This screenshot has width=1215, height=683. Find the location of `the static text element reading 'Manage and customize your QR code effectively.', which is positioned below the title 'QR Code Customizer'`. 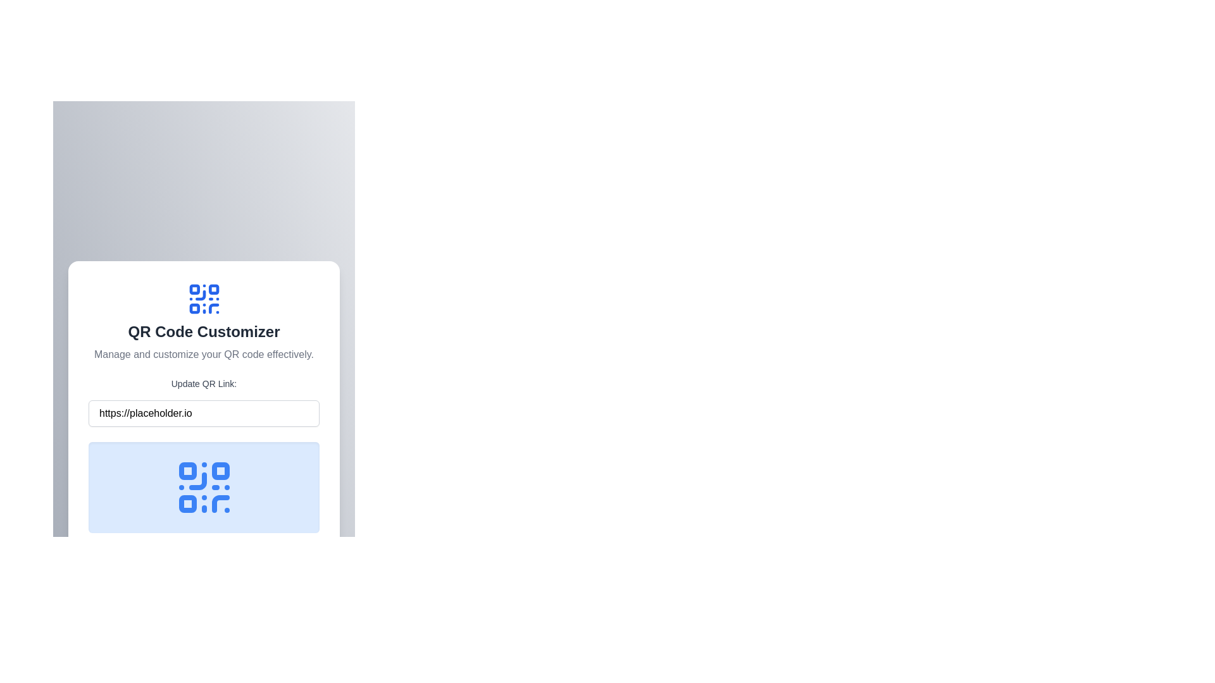

the static text element reading 'Manage and customize your QR code effectively.', which is positioned below the title 'QR Code Customizer' is located at coordinates (204, 354).